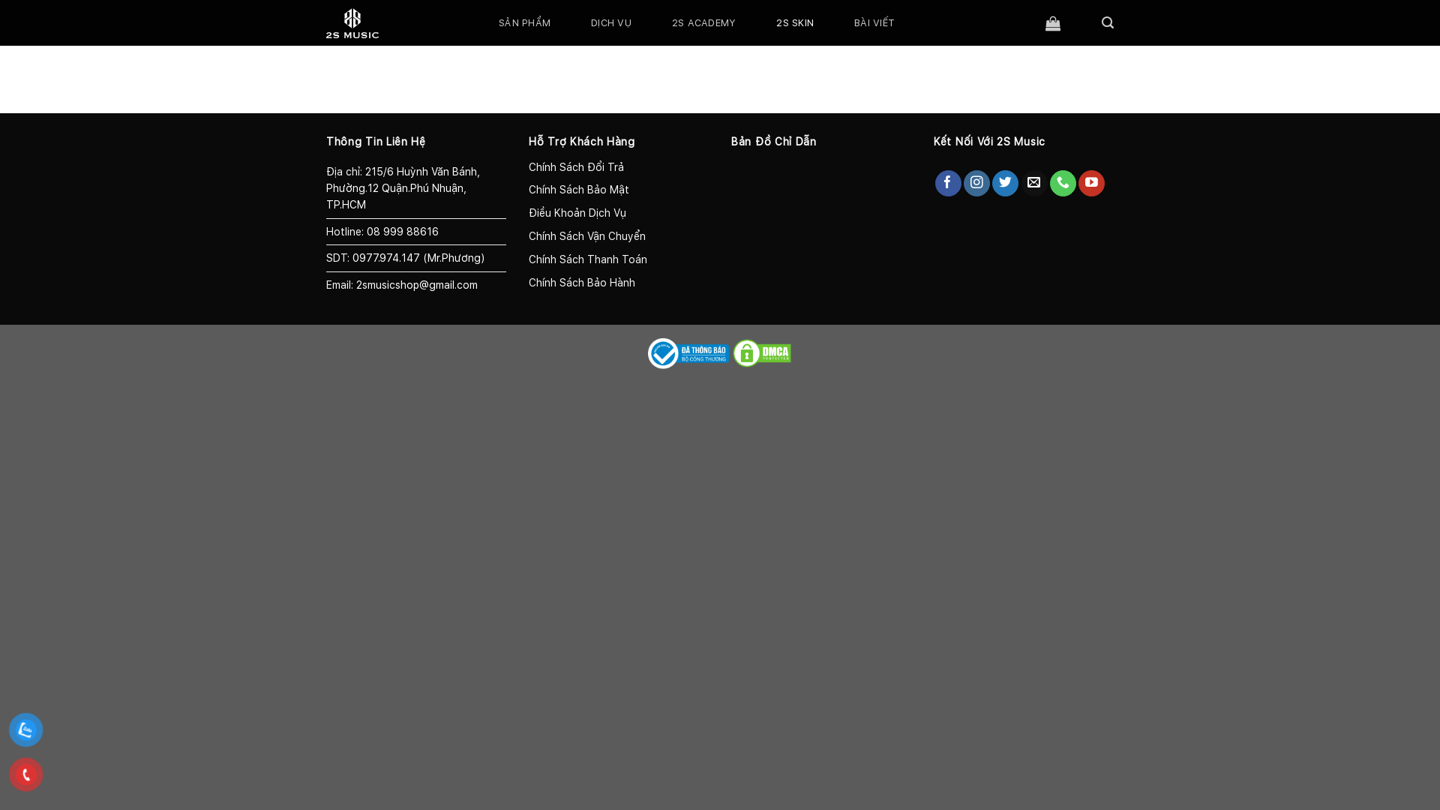 This screenshot has width=1440, height=810. I want to click on 'DMCA.com Protection Status', so click(762, 352).